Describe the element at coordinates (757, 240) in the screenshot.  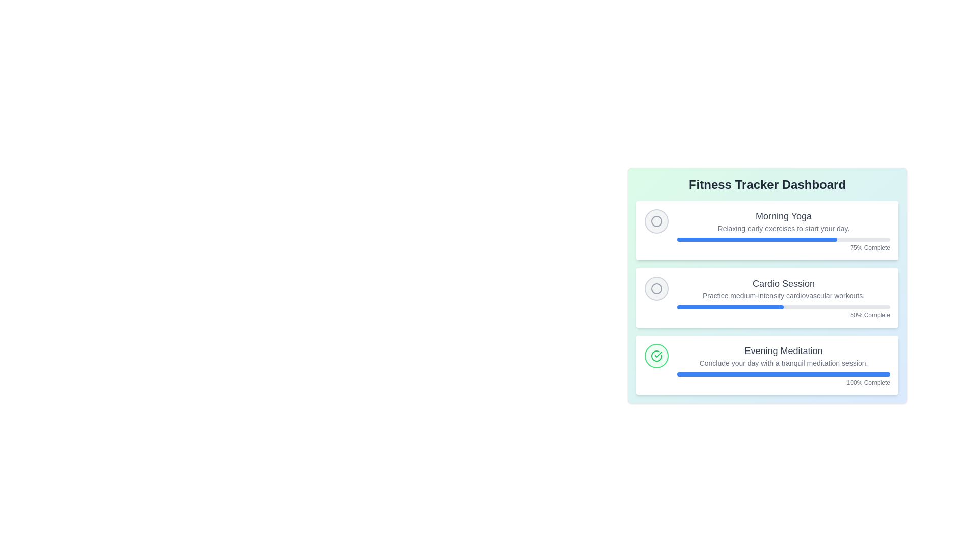
I see `the blue filled progress indicator within the gray progress bar under the 'Morning Yoga' section in the 'Fitness Tracker Dashboard'` at that location.